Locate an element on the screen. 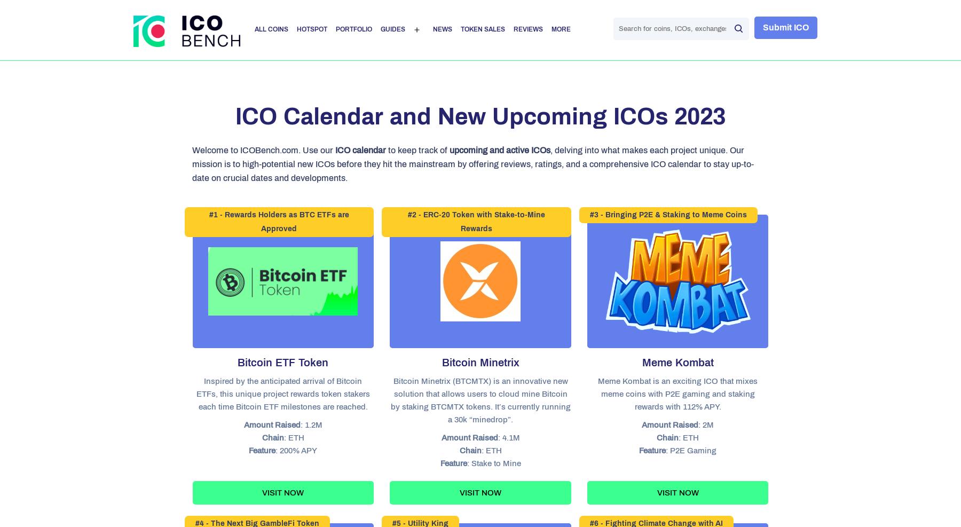  'all coins' is located at coordinates (270, 28).